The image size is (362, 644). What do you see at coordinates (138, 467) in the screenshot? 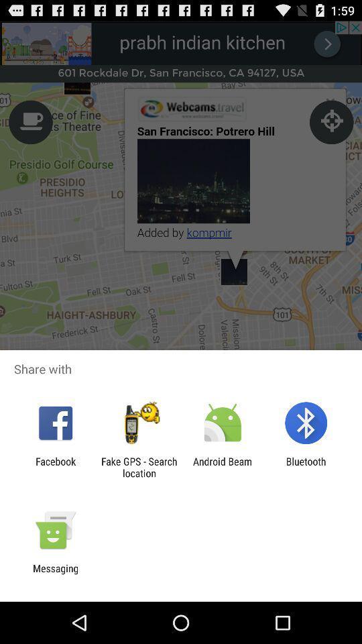
I see `item next to android beam item` at bounding box center [138, 467].